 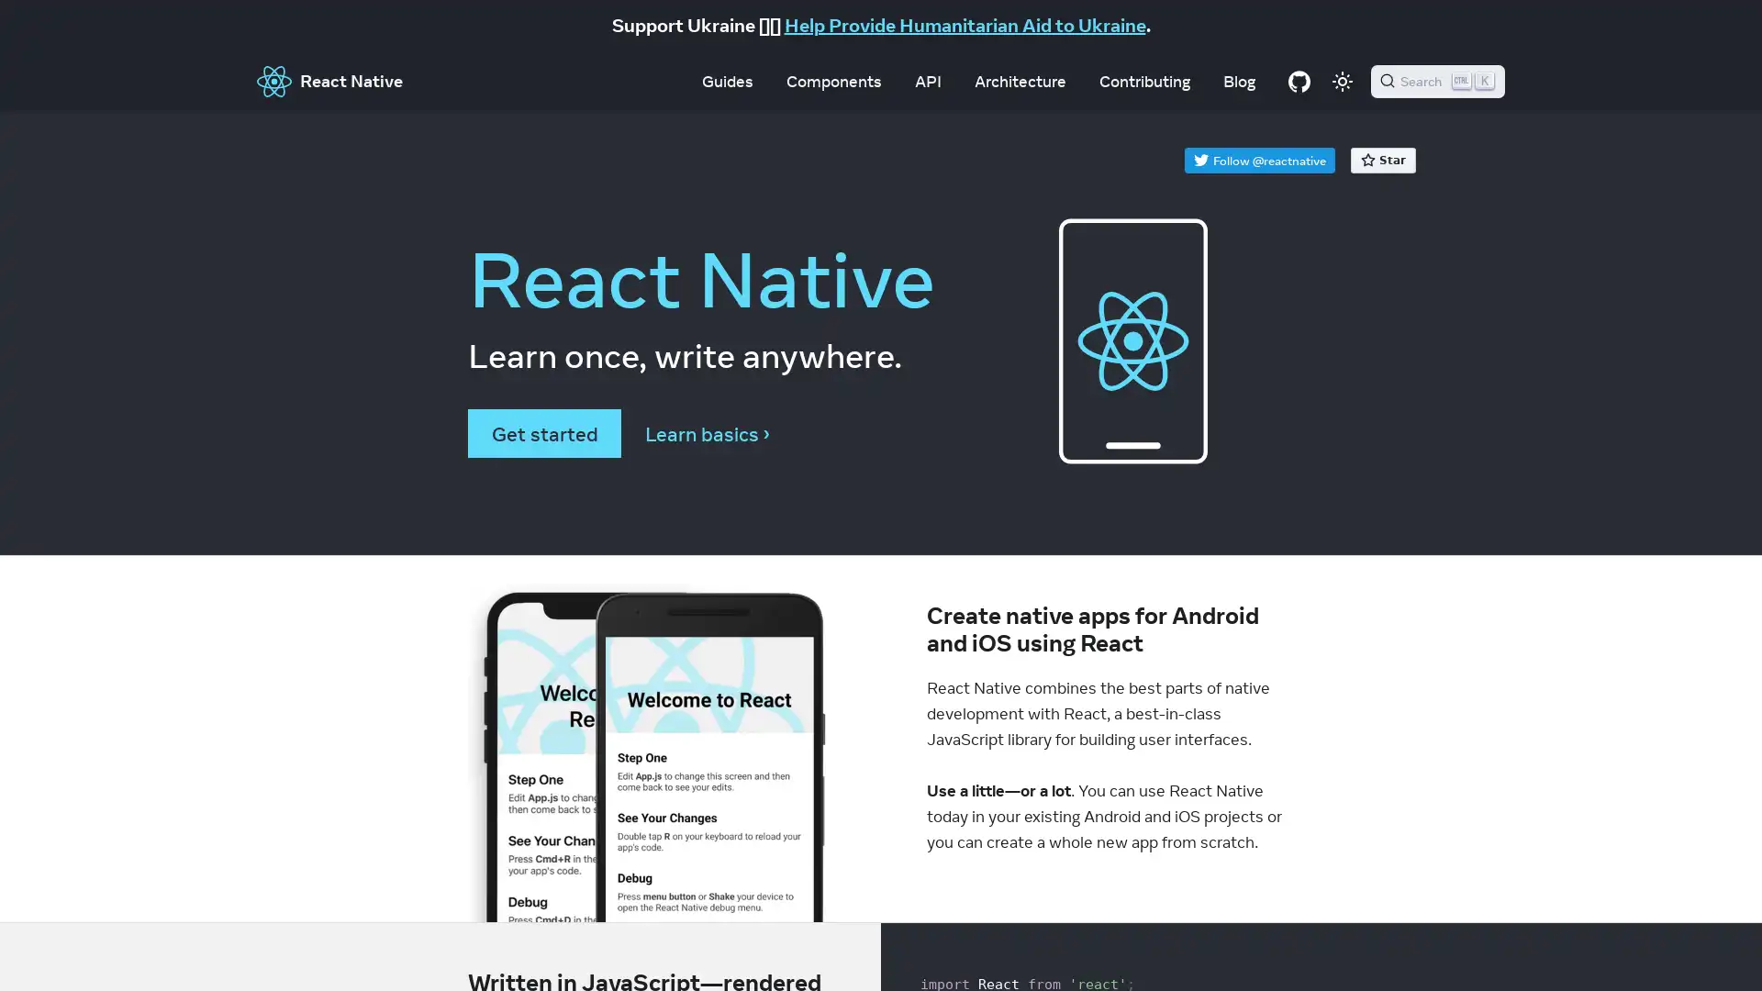 What do you see at coordinates (1342, 80) in the screenshot?
I see `Switch between dark and light mode (currently light mode)` at bounding box center [1342, 80].